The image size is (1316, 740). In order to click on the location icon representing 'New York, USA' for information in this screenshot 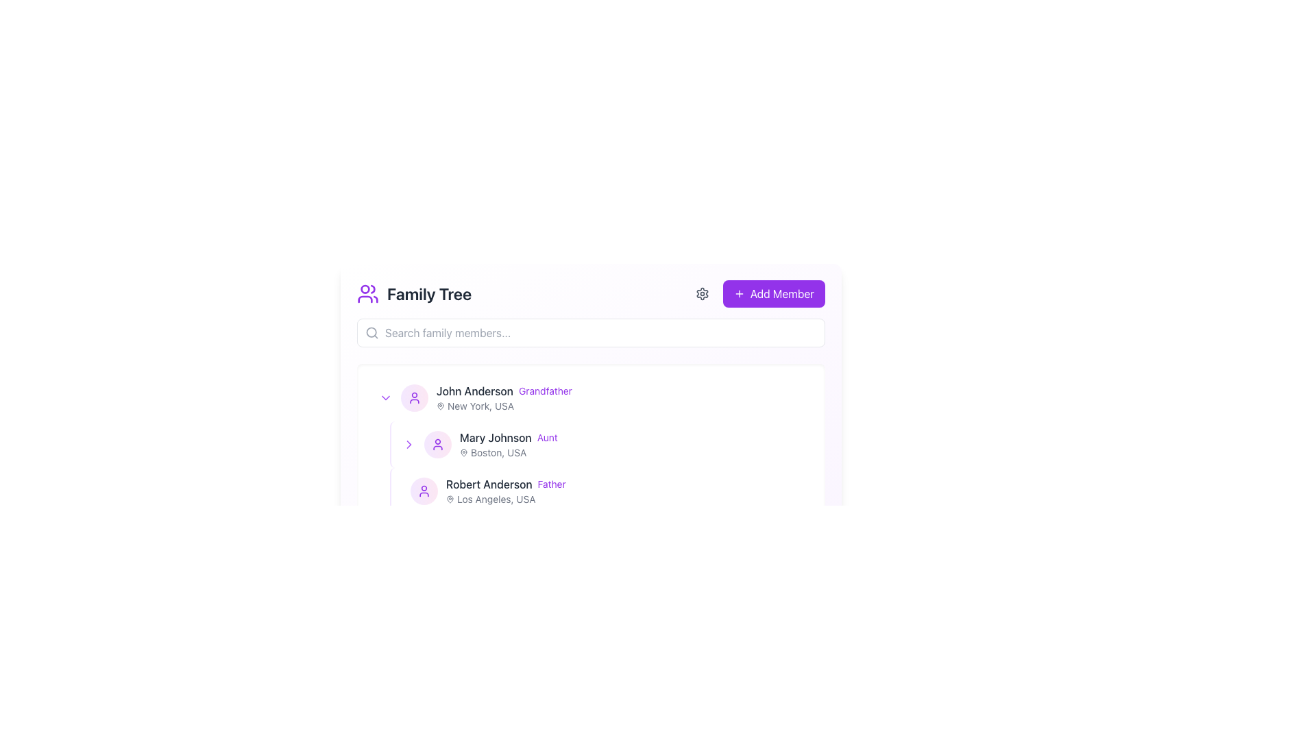, I will do `click(441, 406)`.